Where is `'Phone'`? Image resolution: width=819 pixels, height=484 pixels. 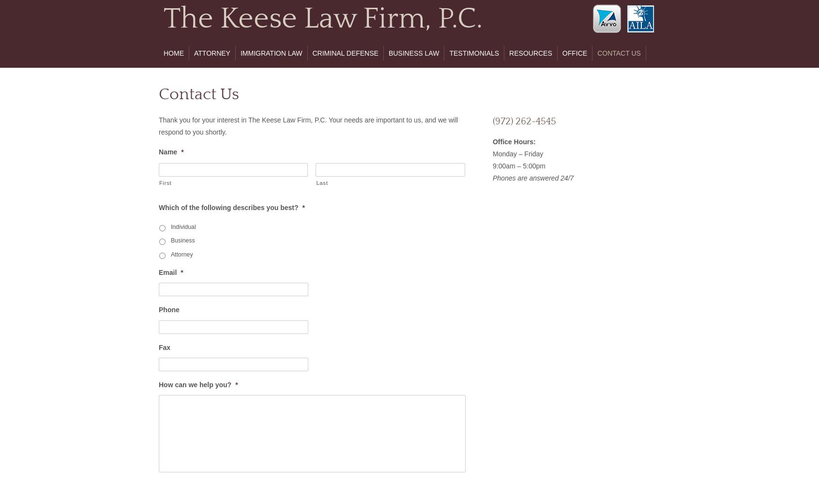 'Phone' is located at coordinates (168, 310).